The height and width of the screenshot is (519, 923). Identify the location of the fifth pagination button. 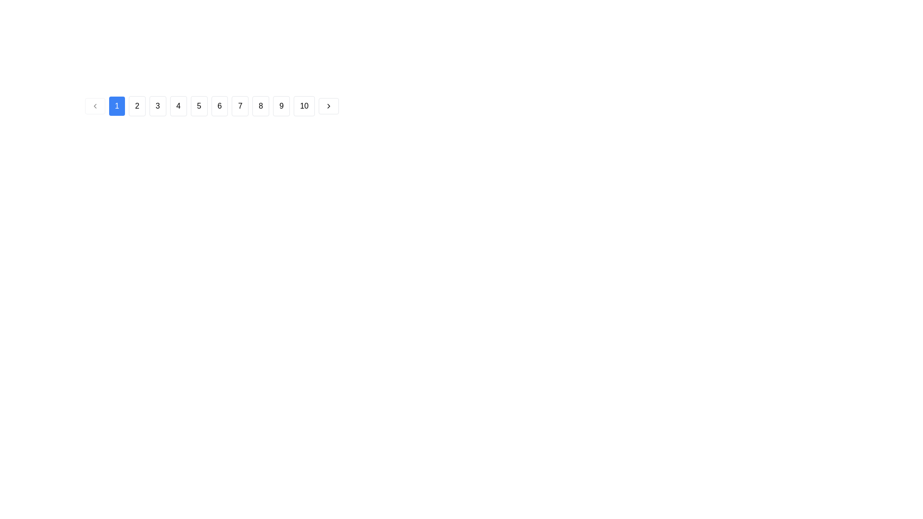
(198, 106).